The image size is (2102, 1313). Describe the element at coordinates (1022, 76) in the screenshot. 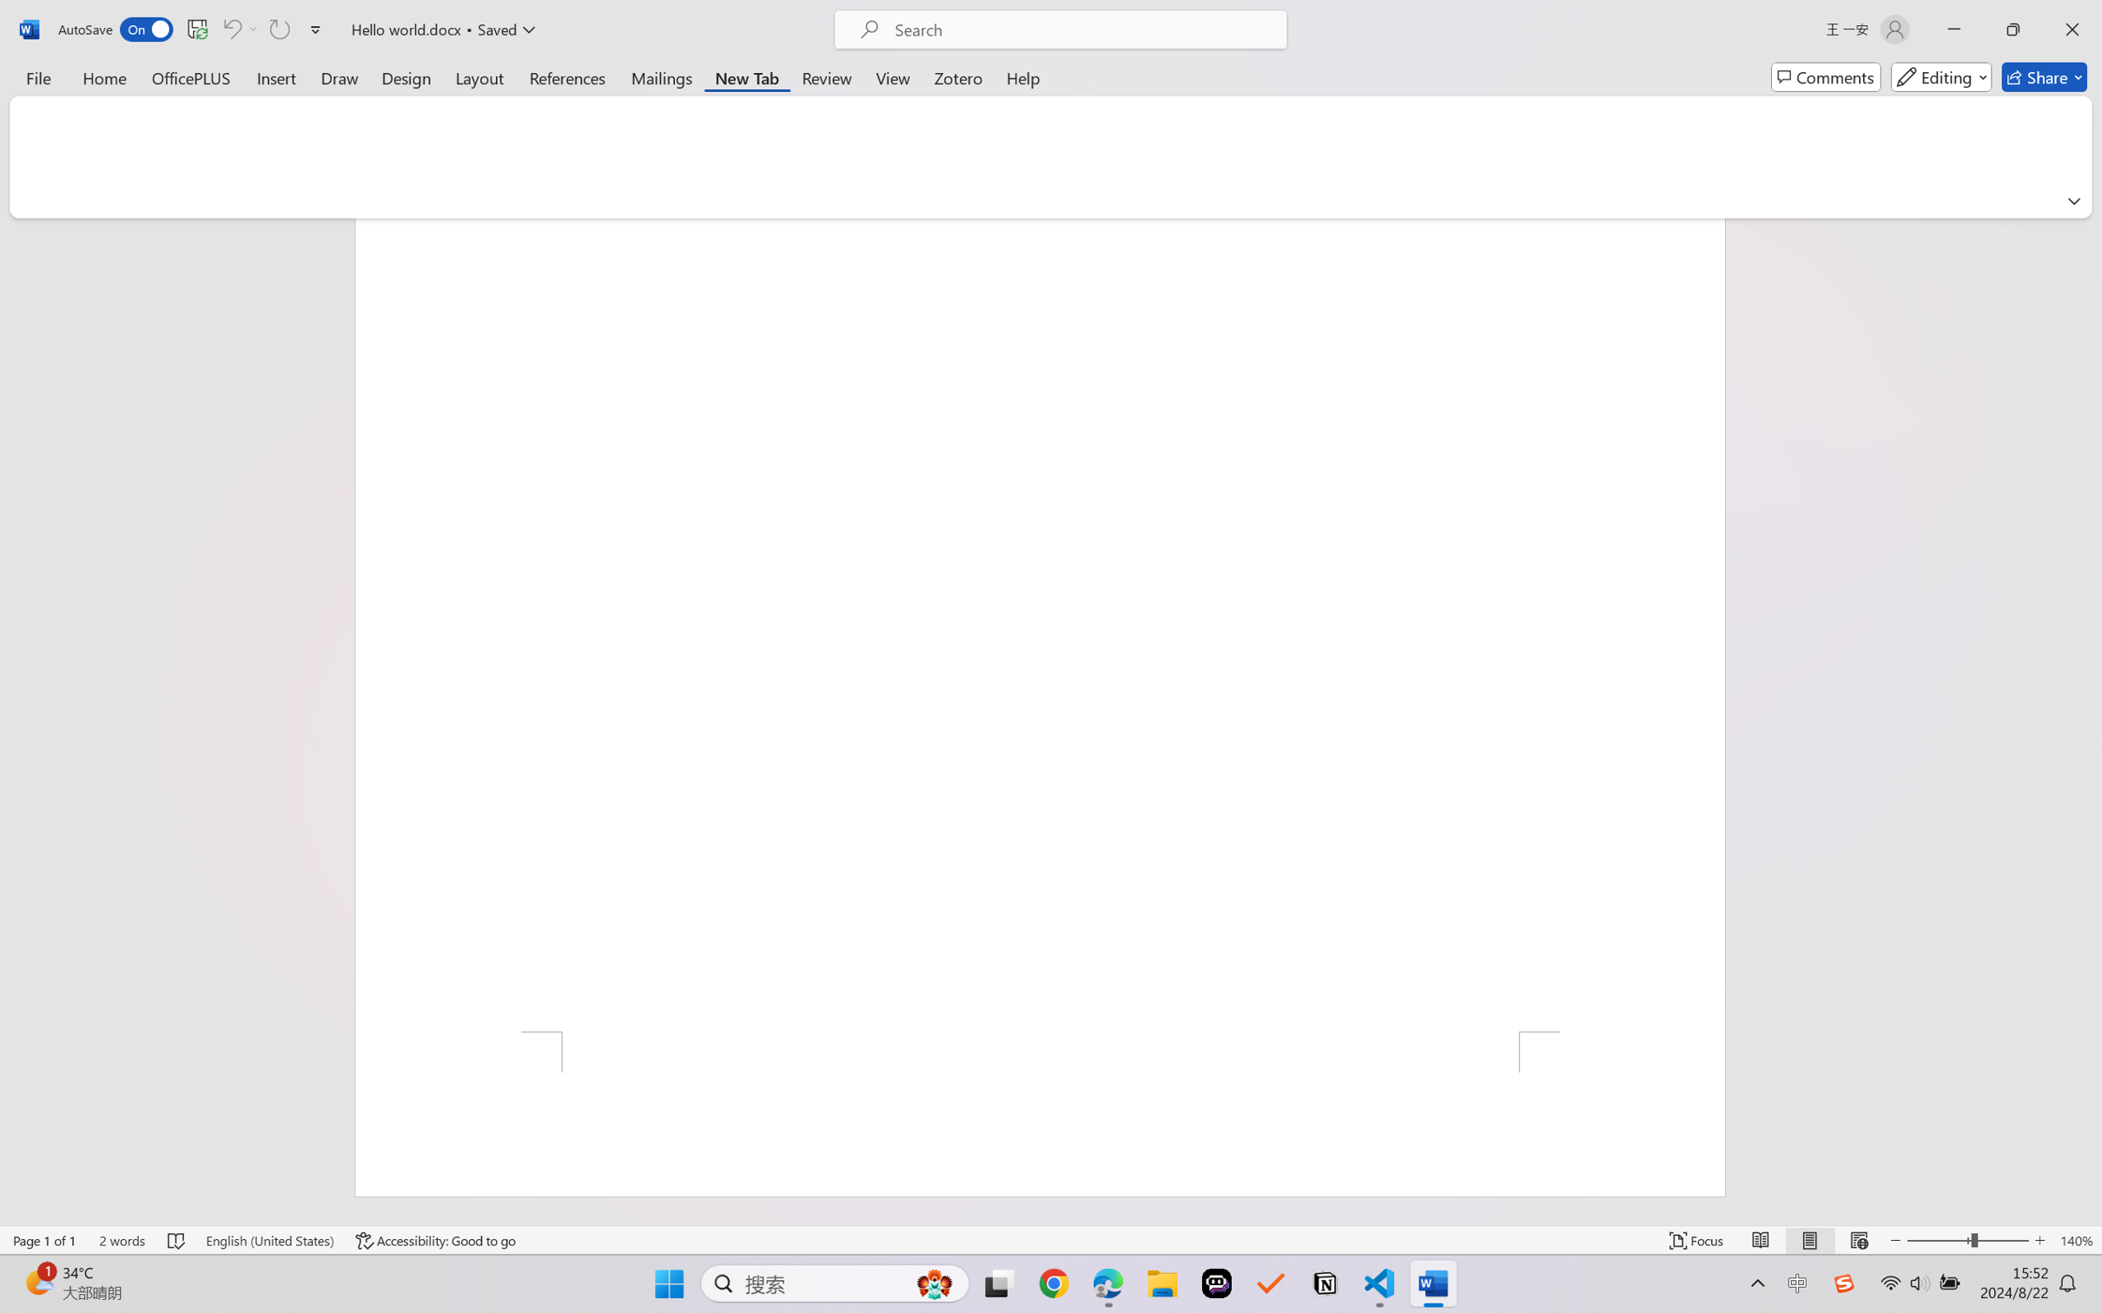

I see `'Help'` at that location.